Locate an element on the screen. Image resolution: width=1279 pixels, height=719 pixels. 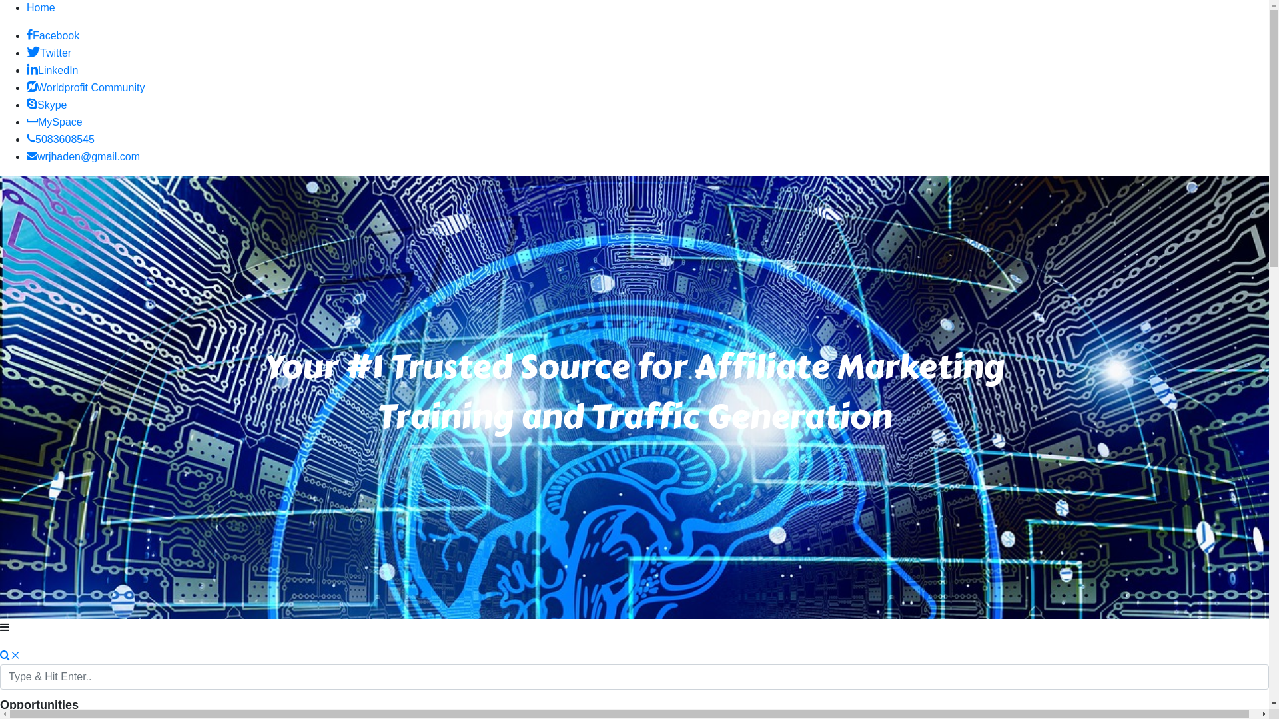
'wrjhaden@gmail.com' is located at coordinates (82, 156).